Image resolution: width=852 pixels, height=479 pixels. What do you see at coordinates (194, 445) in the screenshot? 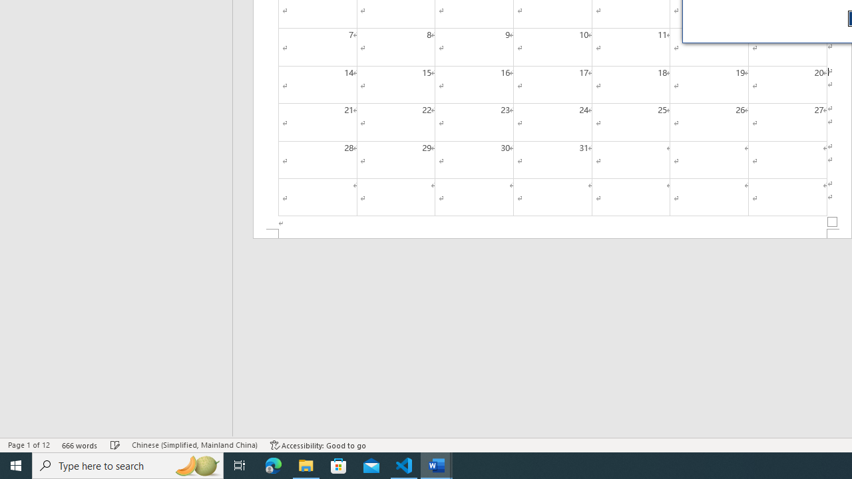
I see `'Language Chinese (Simplified, Mainland China)'` at bounding box center [194, 445].